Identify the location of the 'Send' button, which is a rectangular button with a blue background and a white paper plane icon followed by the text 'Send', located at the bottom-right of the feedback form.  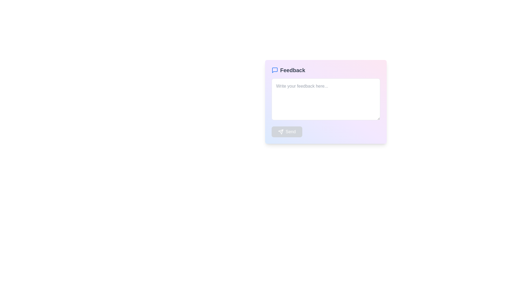
(287, 132).